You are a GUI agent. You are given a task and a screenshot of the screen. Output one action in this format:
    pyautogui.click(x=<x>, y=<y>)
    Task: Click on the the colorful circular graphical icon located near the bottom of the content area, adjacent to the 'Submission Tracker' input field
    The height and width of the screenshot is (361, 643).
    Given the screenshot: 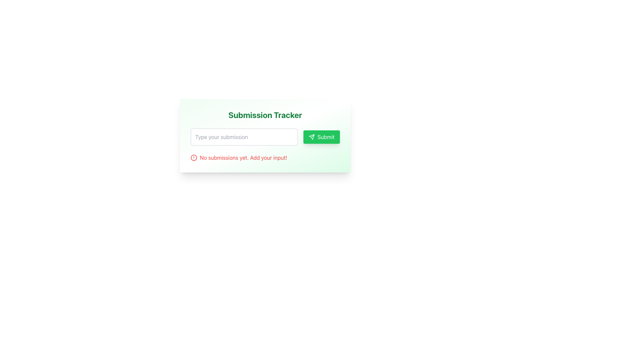 What is the action you would take?
    pyautogui.click(x=194, y=157)
    